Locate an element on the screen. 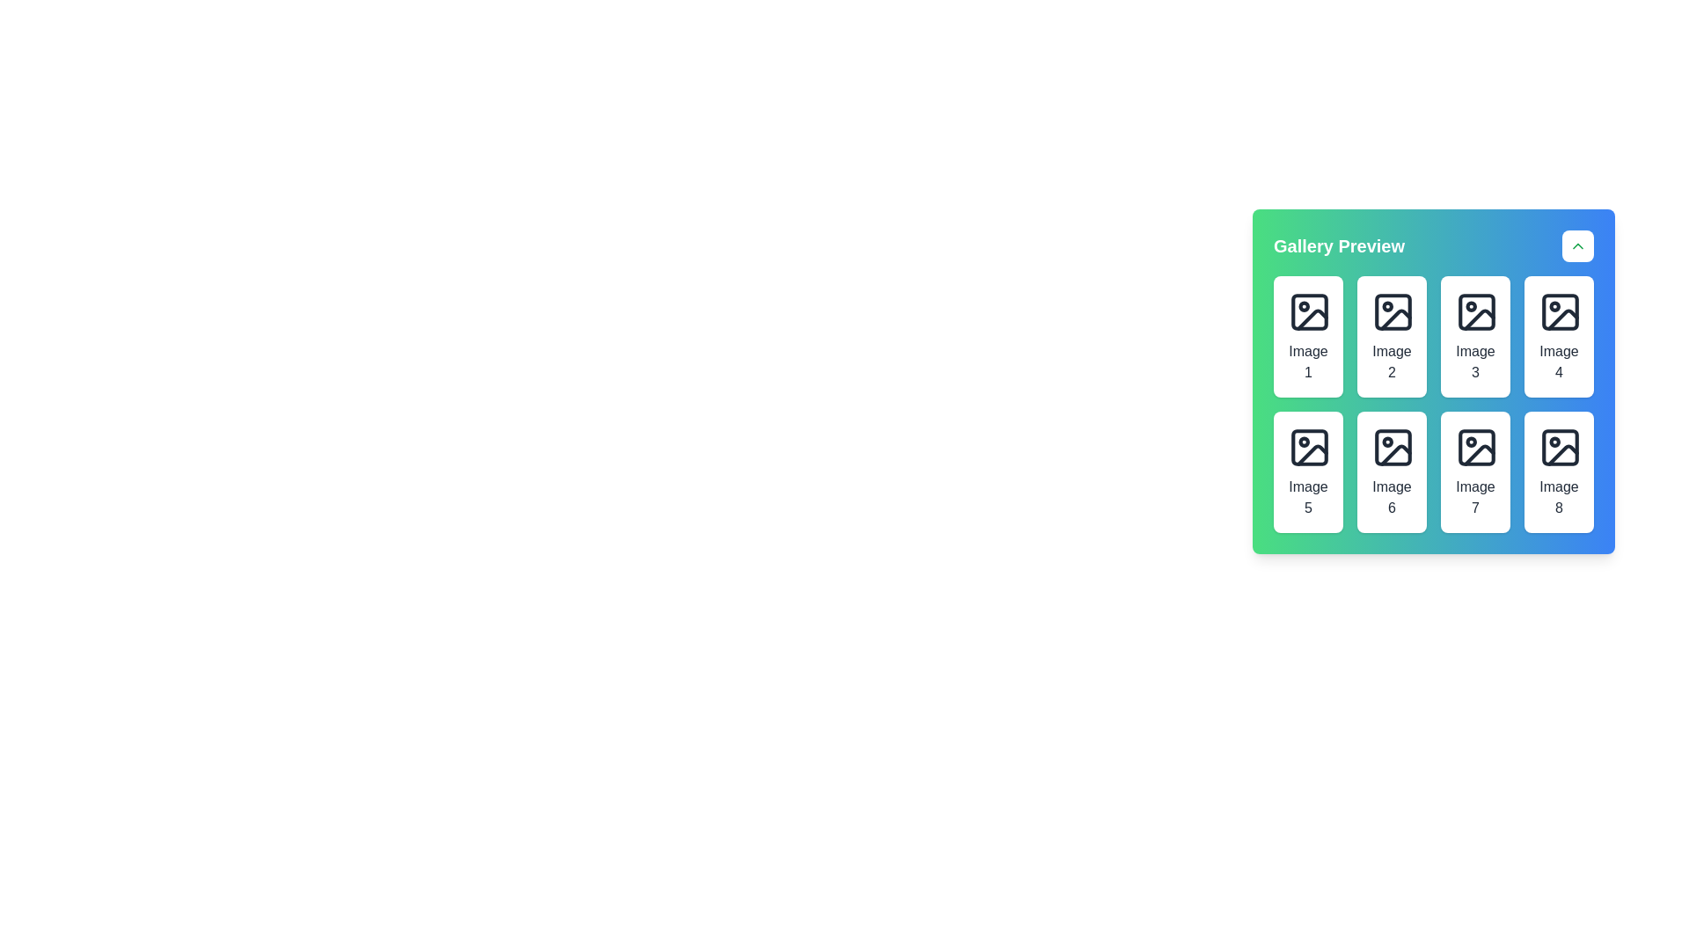 This screenshot has width=1689, height=950. the image placeholder icon in the 'Gallery Preview' section is located at coordinates (1477, 447).